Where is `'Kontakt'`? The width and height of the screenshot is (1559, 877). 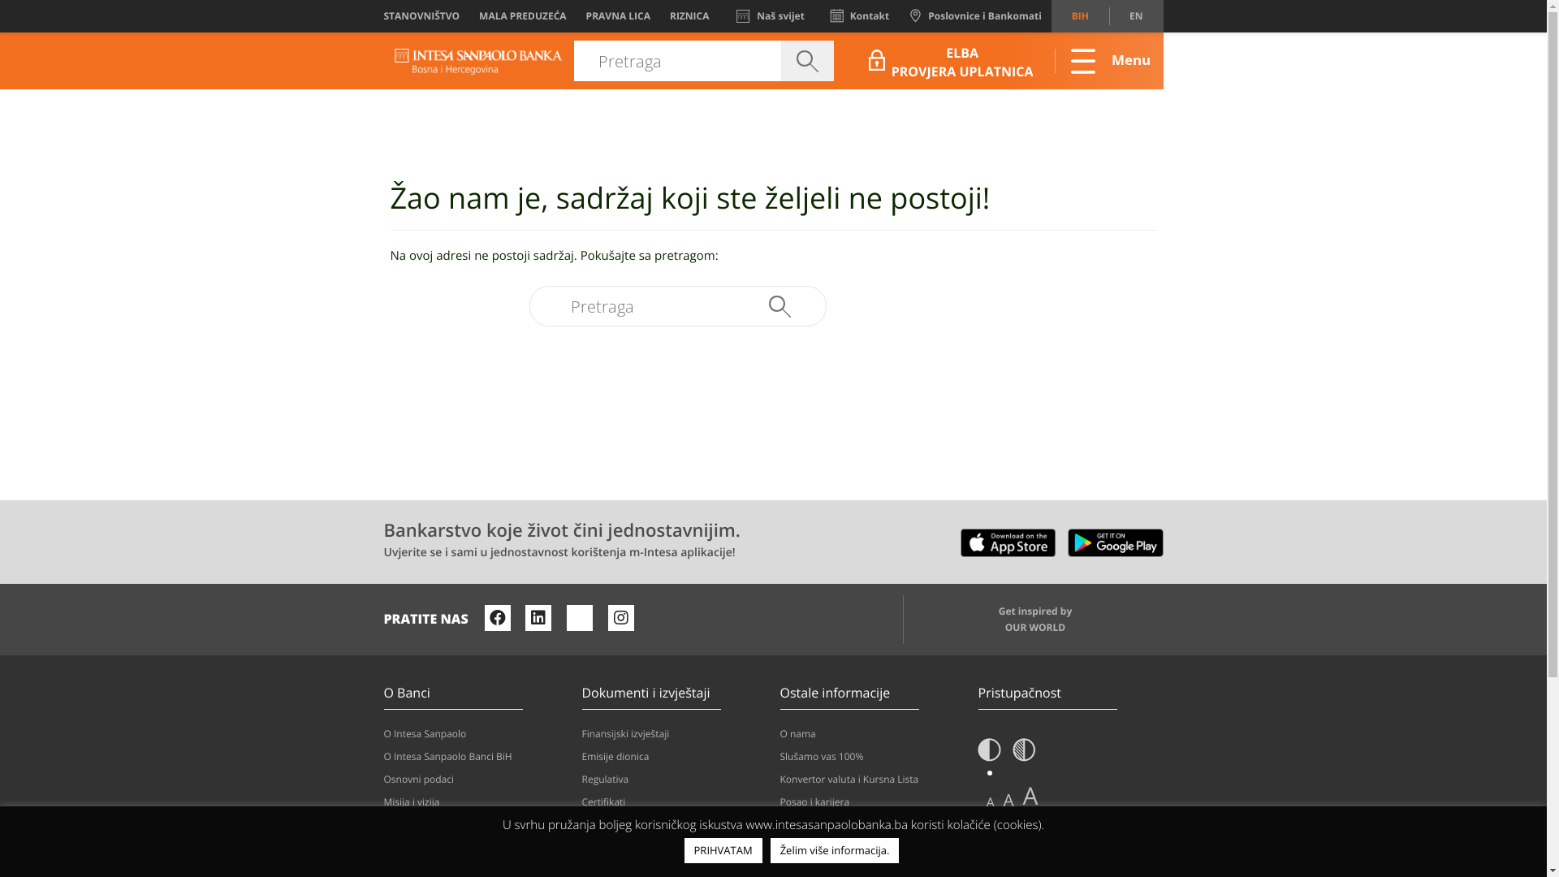 'Kontakt' is located at coordinates (859, 15).